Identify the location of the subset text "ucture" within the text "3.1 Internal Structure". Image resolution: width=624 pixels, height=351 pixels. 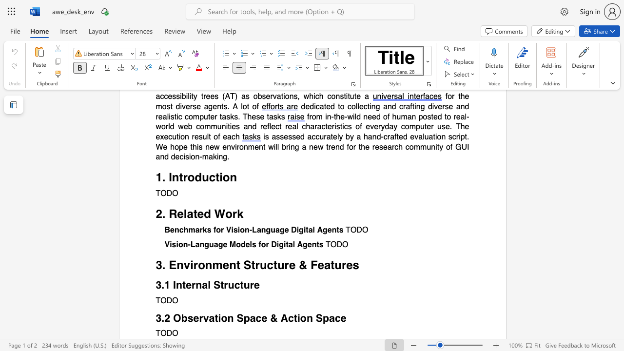
(227, 285).